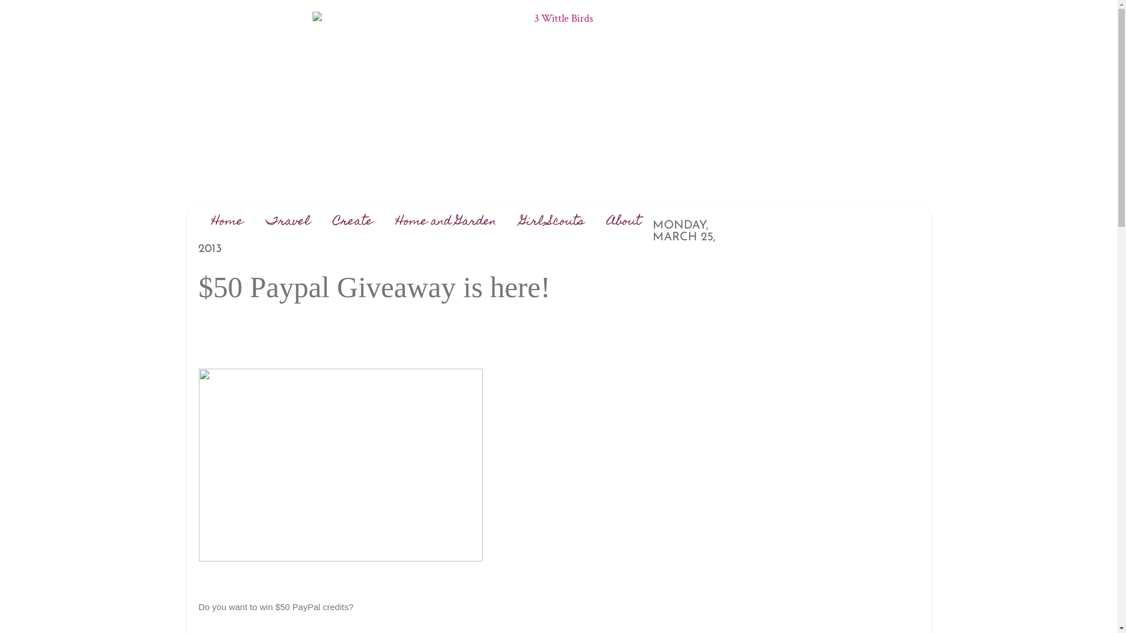  What do you see at coordinates (288, 222) in the screenshot?
I see `'Travel'` at bounding box center [288, 222].